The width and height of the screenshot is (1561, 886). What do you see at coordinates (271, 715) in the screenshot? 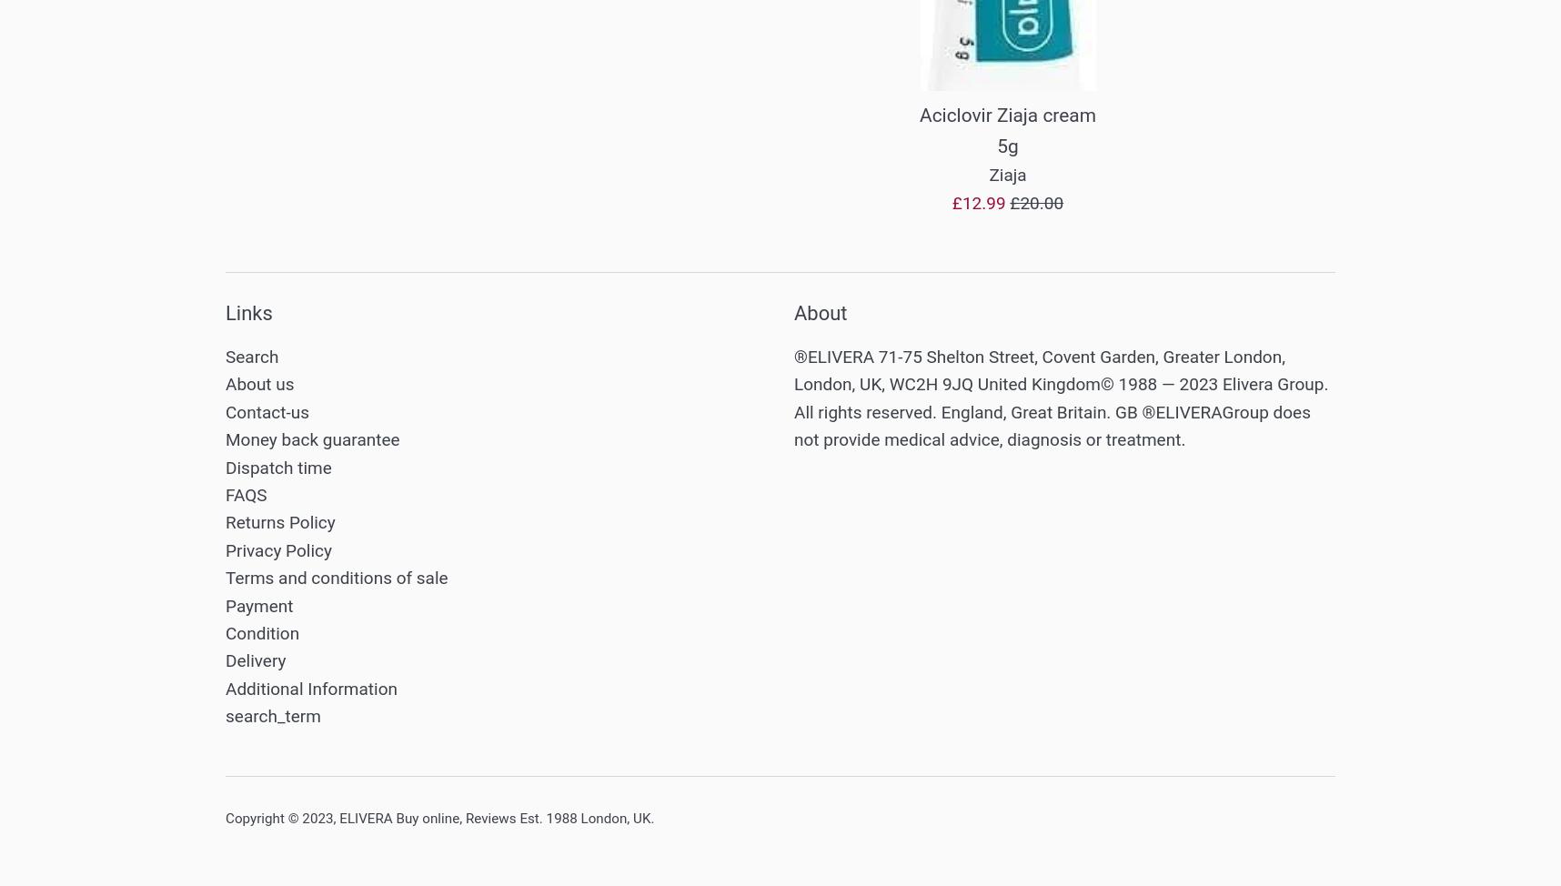
I see `'search_term'` at bounding box center [271, 715].